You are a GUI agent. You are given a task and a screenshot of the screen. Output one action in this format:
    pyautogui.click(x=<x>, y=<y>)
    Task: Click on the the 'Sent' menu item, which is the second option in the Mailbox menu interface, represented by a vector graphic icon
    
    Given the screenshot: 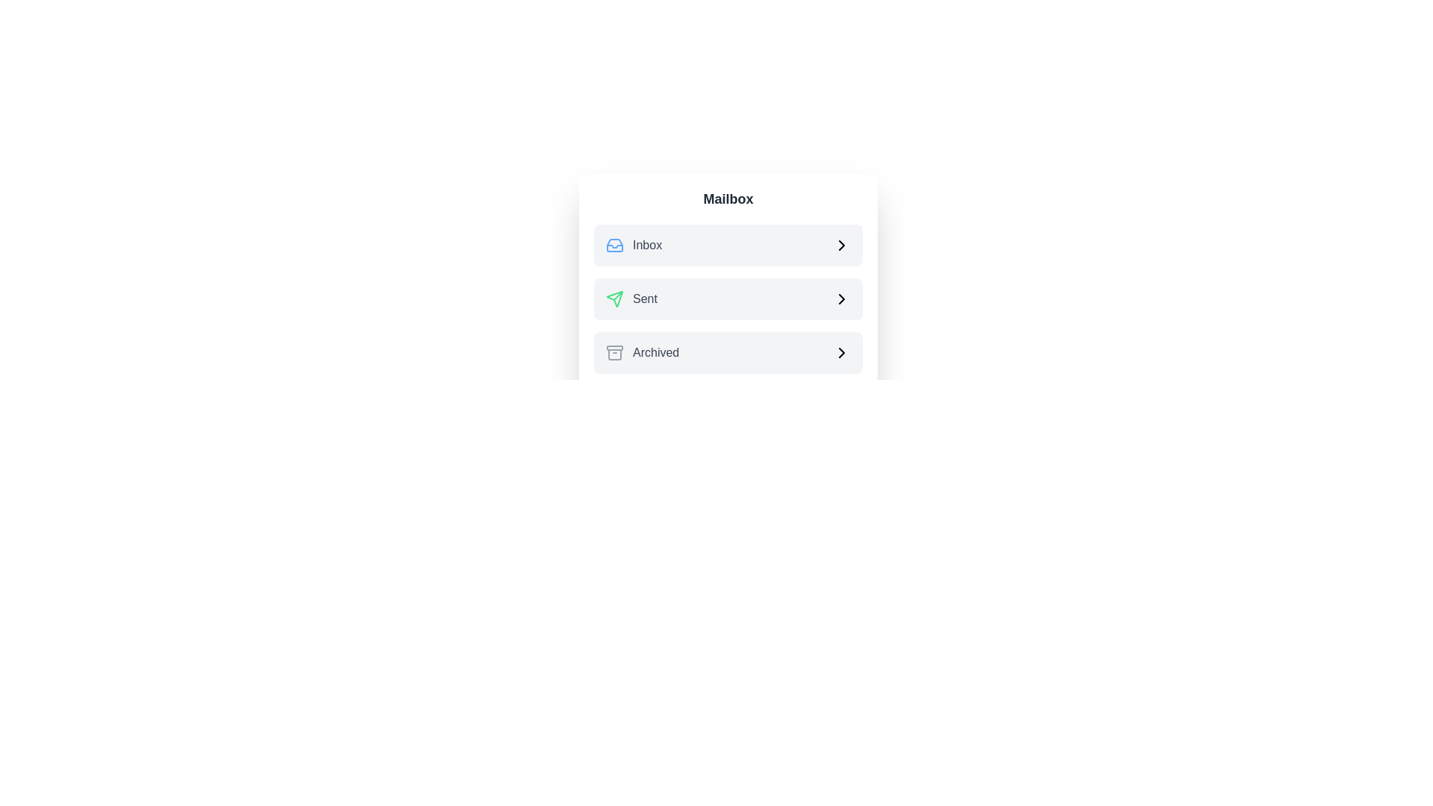 What is the action you would take?
    pyautogui.click(x=618, y=296)
    